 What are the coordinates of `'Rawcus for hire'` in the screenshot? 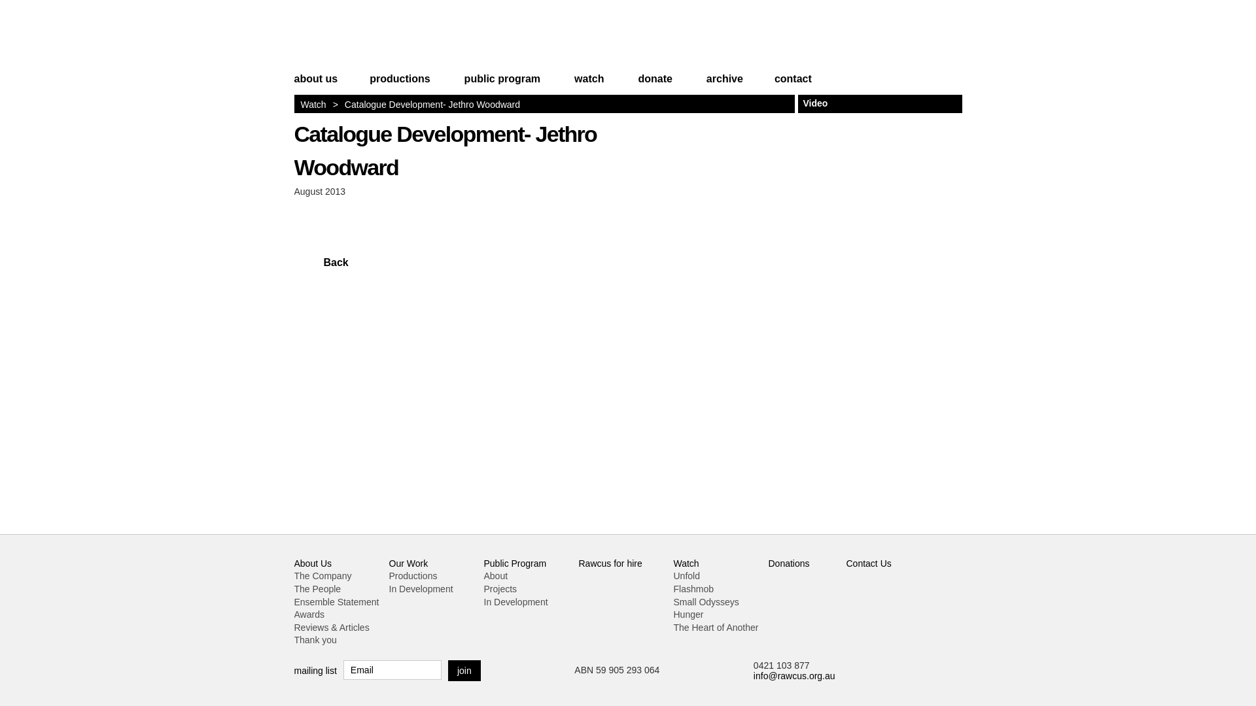 It's located at (609, 562).